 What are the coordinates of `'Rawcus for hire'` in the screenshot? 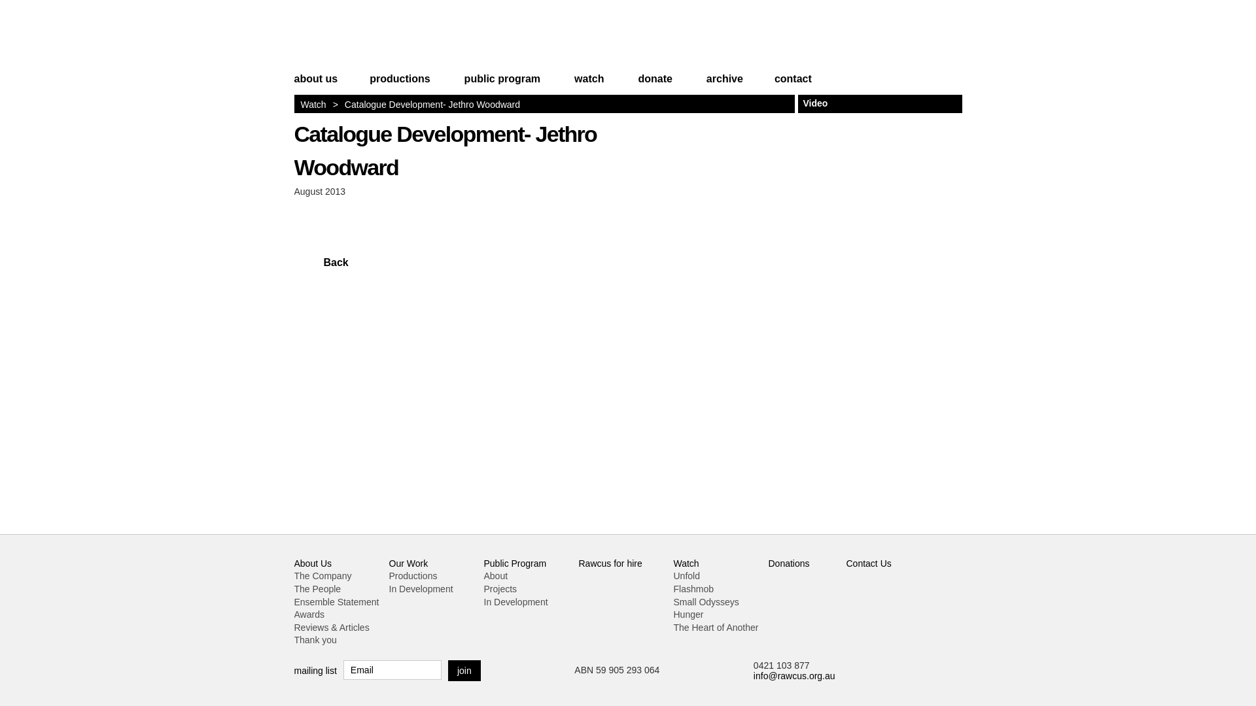 It's located at (609, 562).